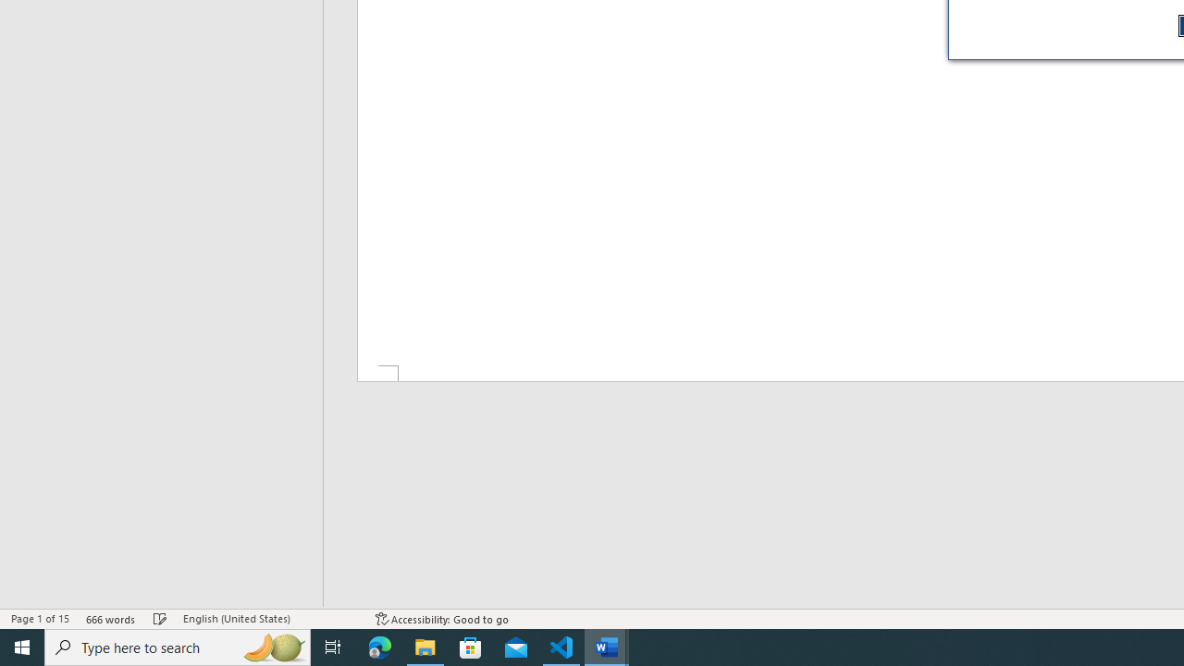 This screenshot has width=1184, height=666. I want to click on 'Spelling and Grammar Check Checking', so click(160, 619).